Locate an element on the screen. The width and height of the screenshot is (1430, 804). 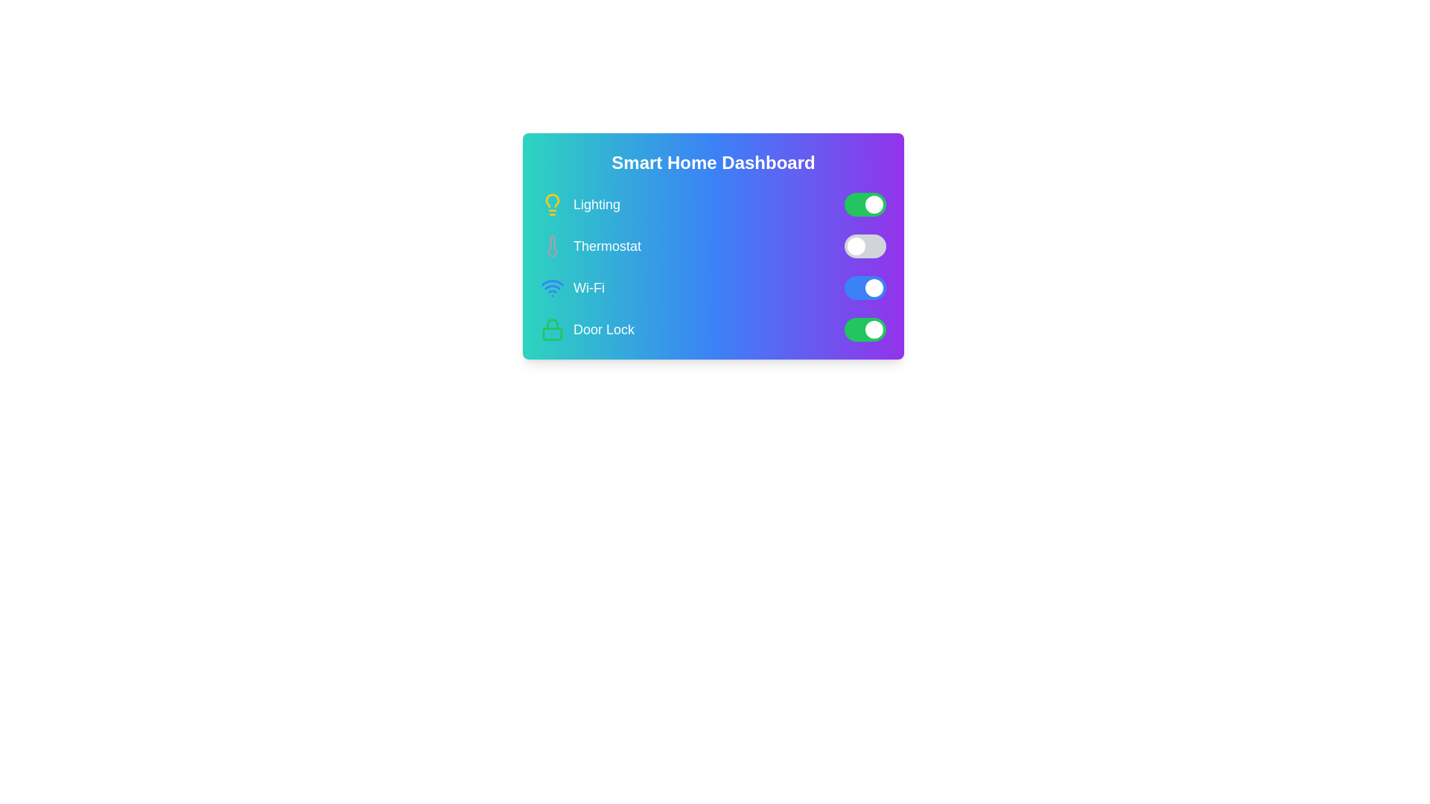
the lightbulb icon in the Lighting section of the Smart Home Dashboard, which is colored yellow and circular in shape is located at coordinates (552, 204).